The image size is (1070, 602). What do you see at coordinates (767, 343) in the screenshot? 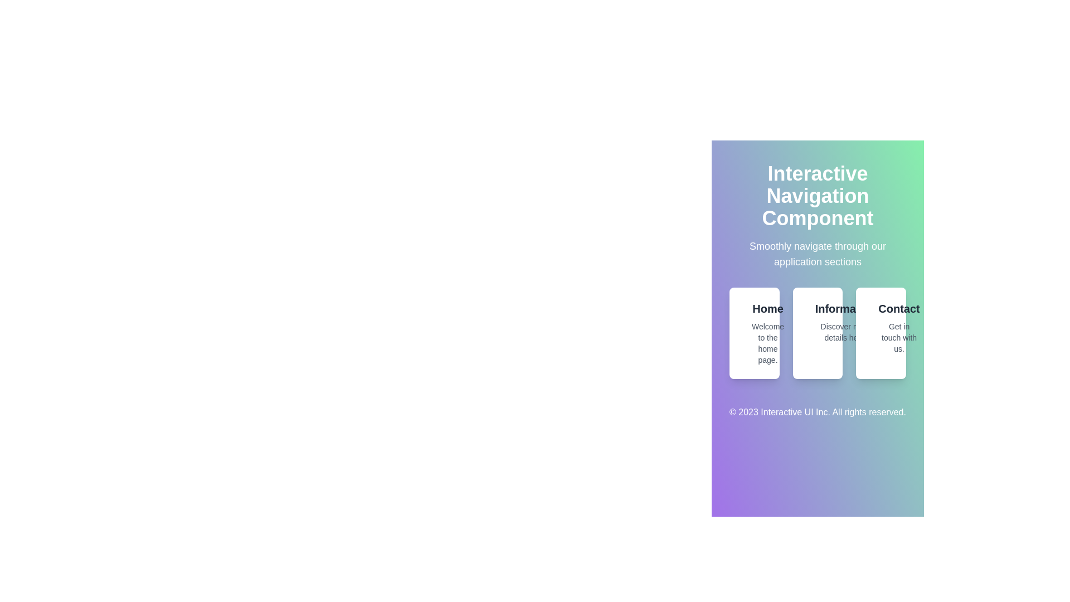
I see `welcoming message text located beneath the 'Home' title in the leftmost card of three horizontally aligned cards` at bounding box center [767, 343].